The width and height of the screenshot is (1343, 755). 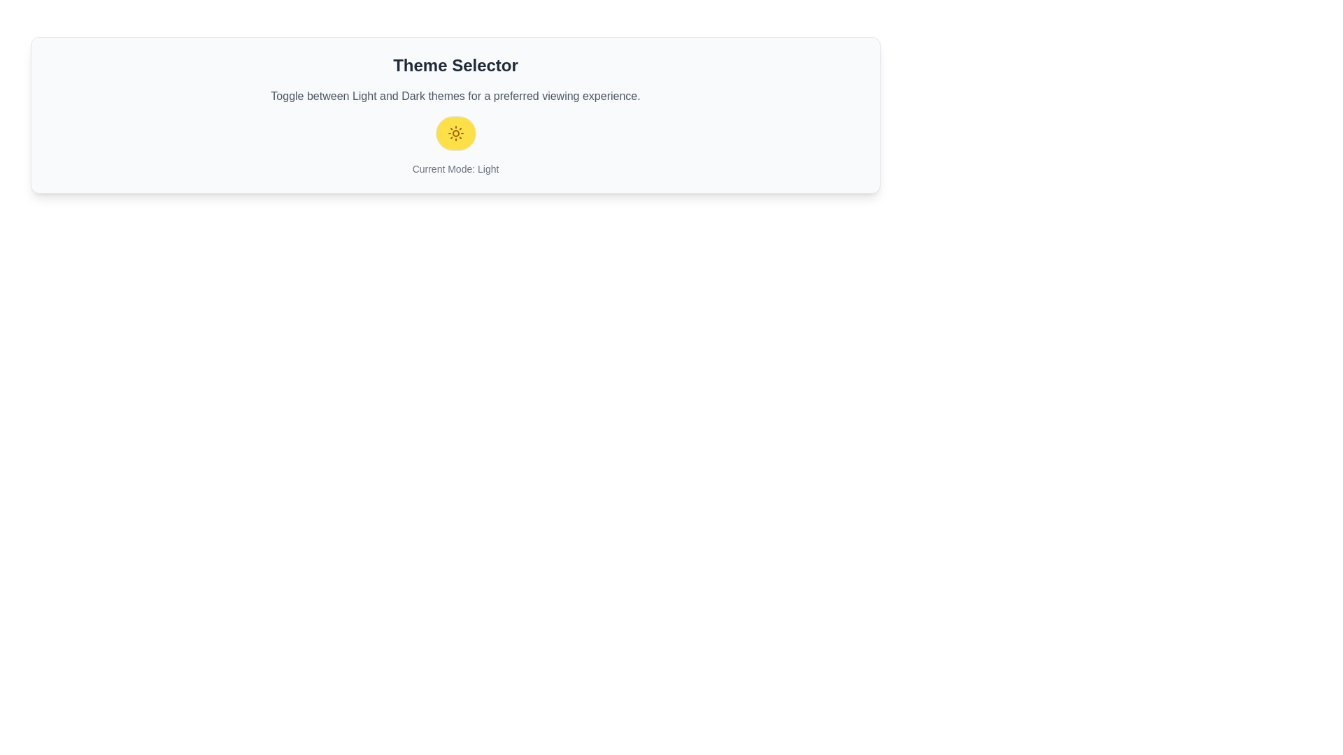 What do you see at coordinates (455, 134) in the screenshot?
I see `the light theme toggle button located centrally below the text 'Toggle between Light and Dark themes for a preferred viewing experience.'` at bounding box center [455, 134].